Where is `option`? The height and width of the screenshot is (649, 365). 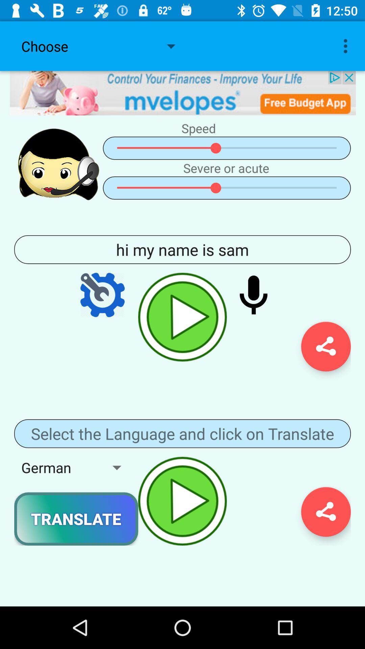 option is located at coordinates (182, 317).